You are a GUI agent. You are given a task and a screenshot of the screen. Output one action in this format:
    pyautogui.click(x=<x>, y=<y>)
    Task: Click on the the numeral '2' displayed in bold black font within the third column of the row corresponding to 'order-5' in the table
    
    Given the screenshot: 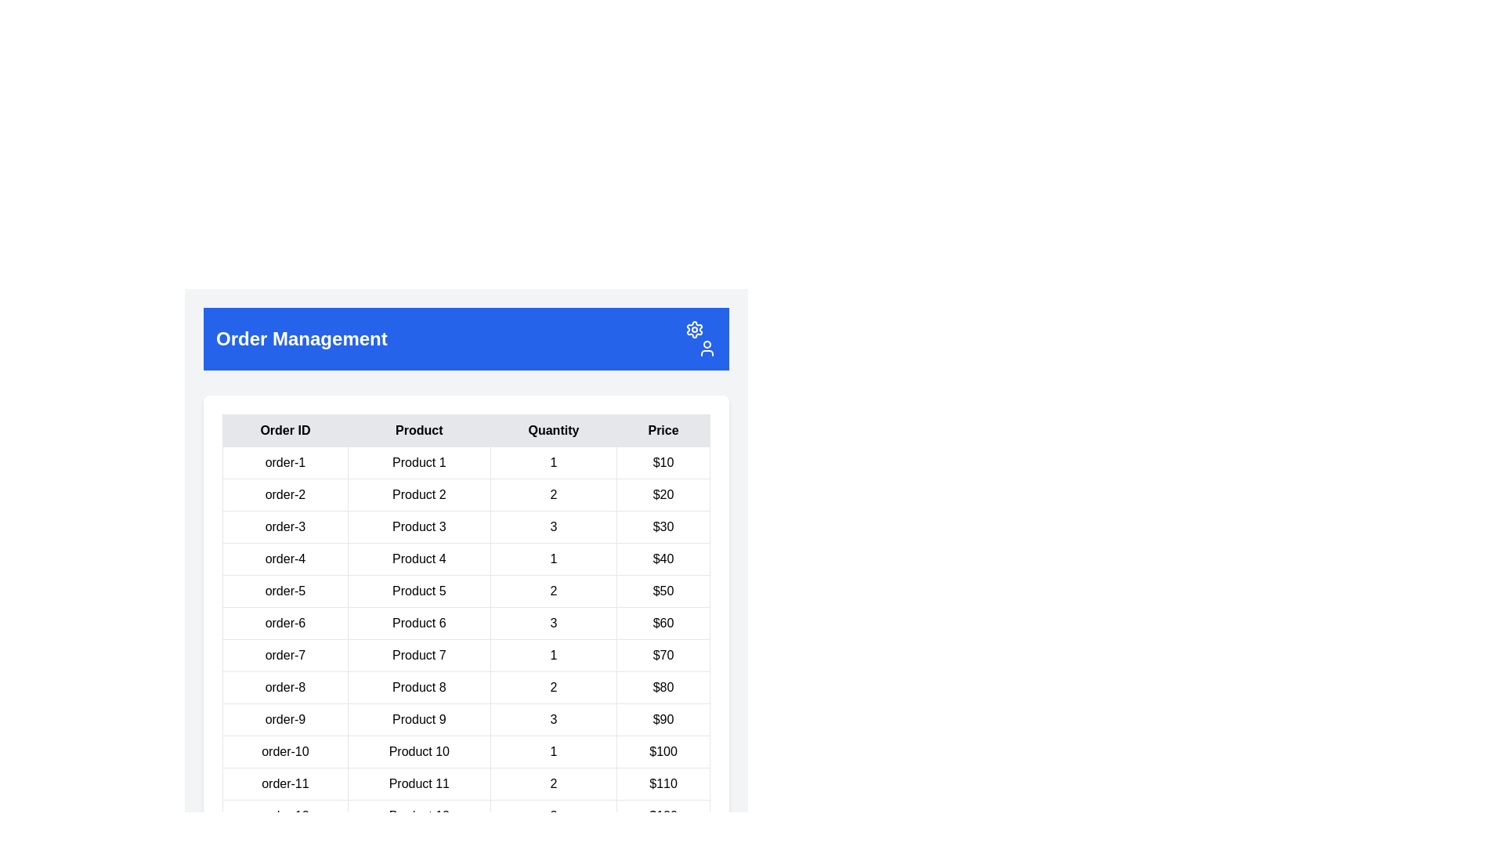 What is the action you would take?
    pyautogui.click(x=553, y=591)
    